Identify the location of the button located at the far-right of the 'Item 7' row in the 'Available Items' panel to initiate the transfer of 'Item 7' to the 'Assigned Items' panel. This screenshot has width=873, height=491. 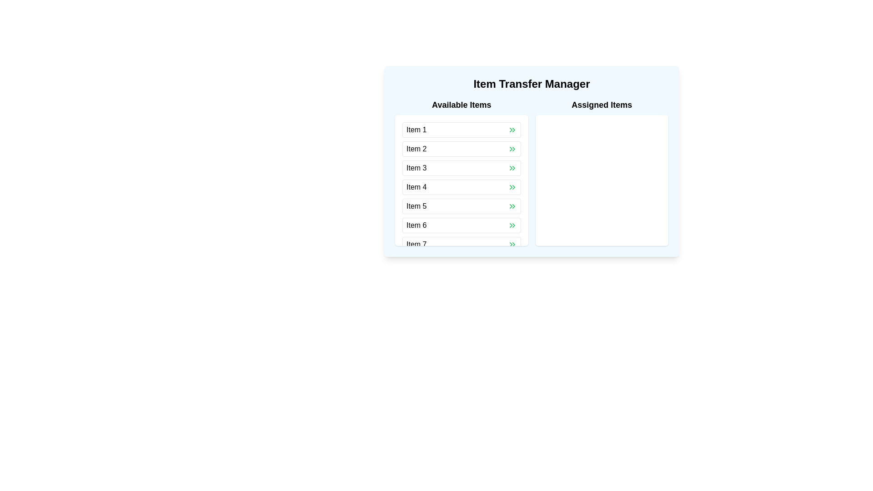
(512, 244).